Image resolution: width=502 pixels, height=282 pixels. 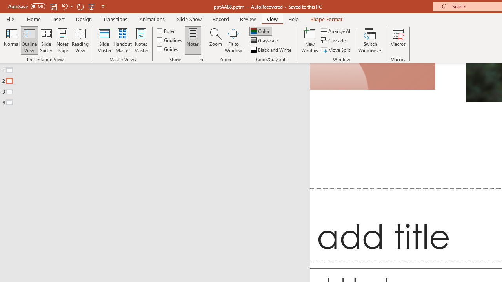 I want to click on 'Notes', so click(x=193, y=40).